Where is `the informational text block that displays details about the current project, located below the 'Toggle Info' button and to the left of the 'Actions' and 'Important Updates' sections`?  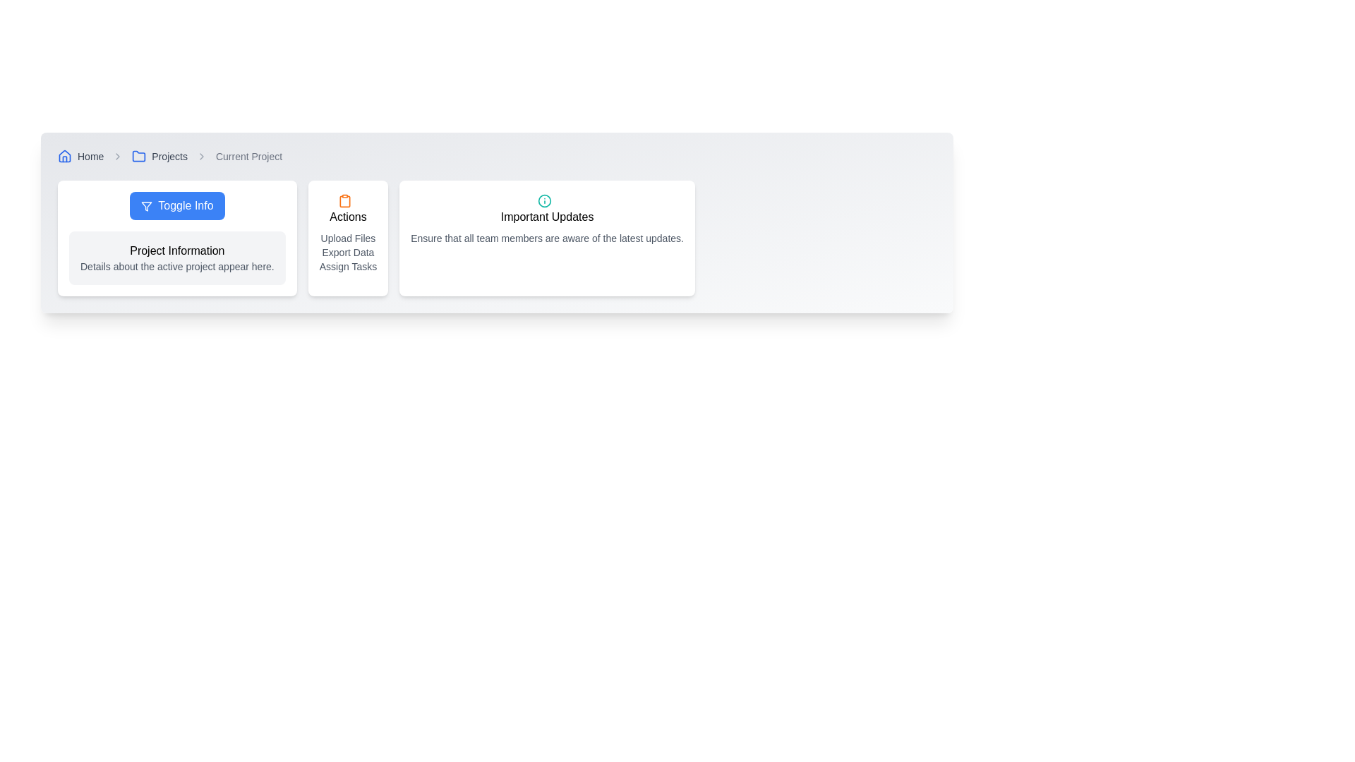 the informational text block that displays details about the current project, located below the 'Toggle Info' button and to the left of the 'Actions' and 'Important Updates' sections is located at coordinates (176, 258).